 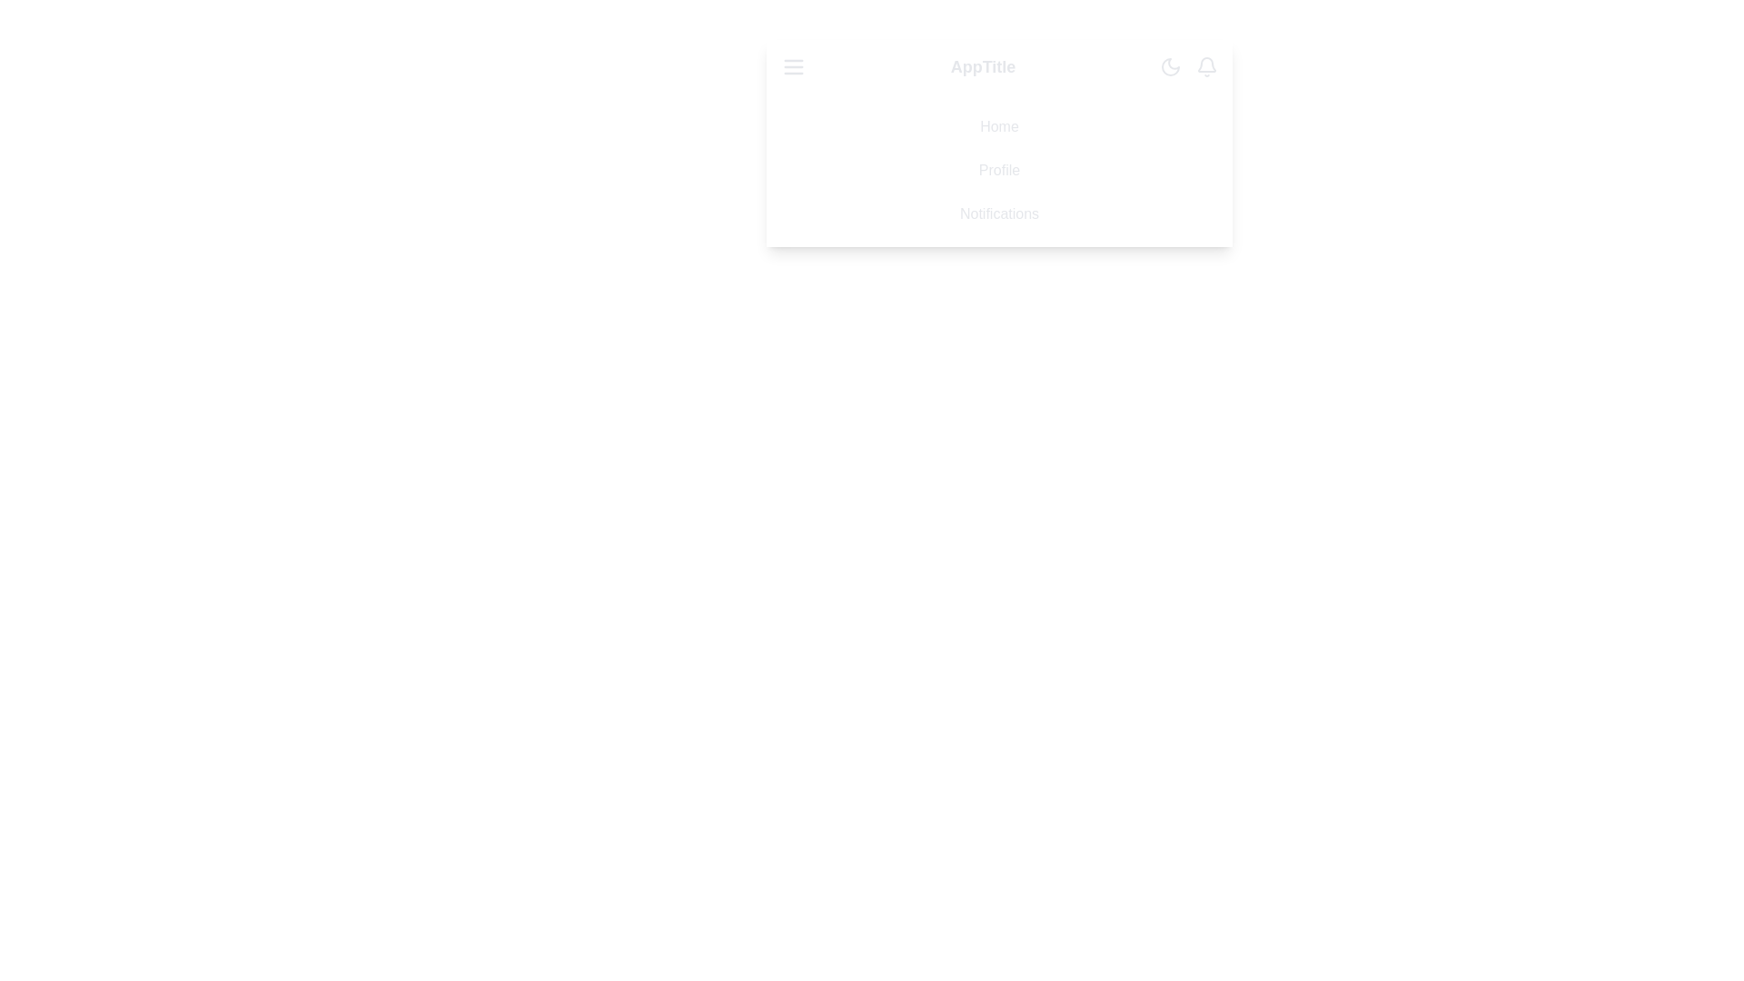 I want to click on the menu item Notifications from the list, so click(x=998, y=213).